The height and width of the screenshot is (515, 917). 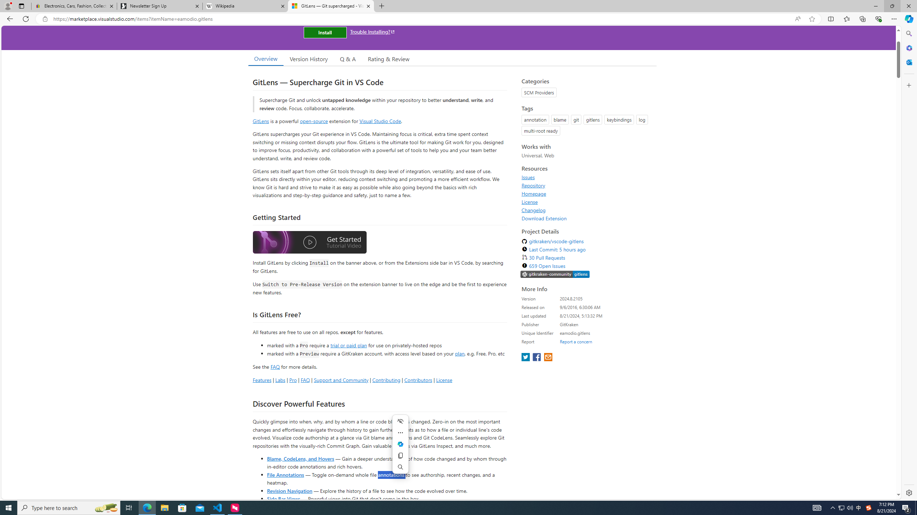 What do you see at coordinates (283, 498) in the screenshot?
I see `'Side Bar Views'` at bounding box center [283, 498].